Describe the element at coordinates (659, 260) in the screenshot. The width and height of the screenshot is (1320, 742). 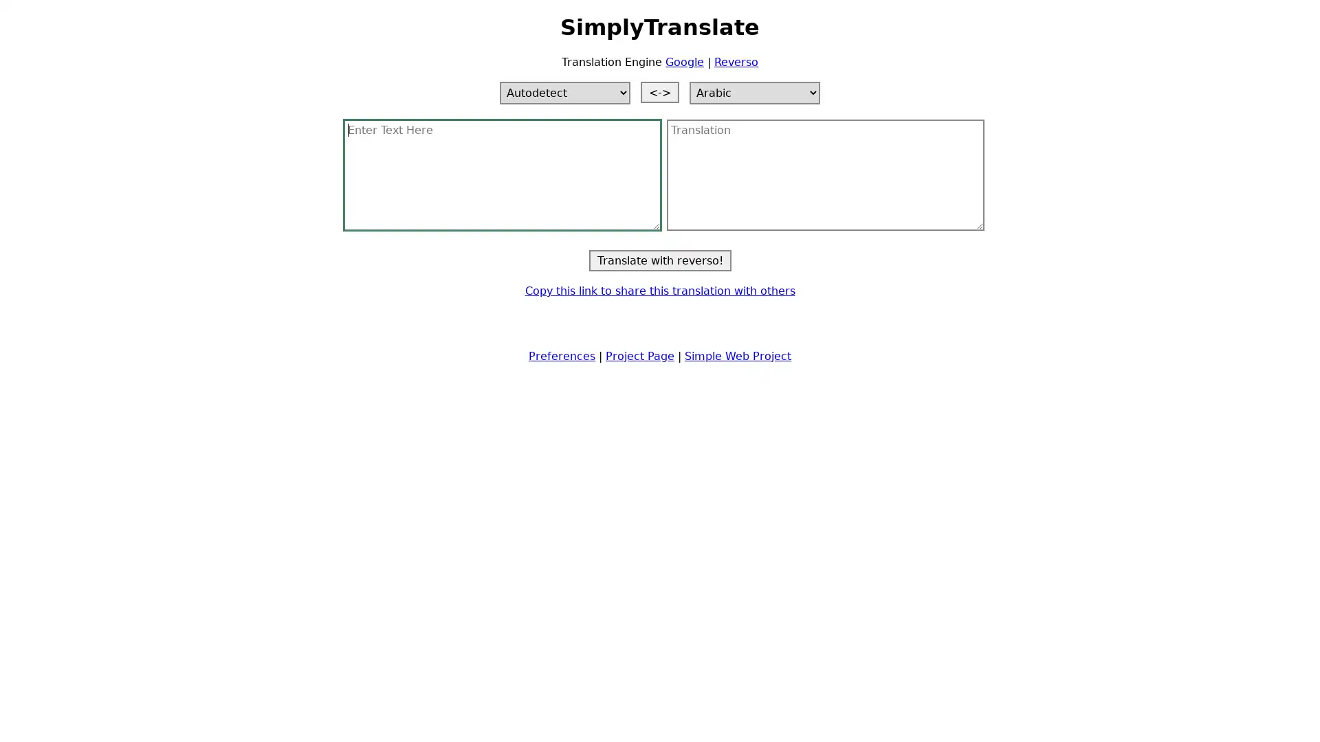
I see `Translate with reverso!` at that location.